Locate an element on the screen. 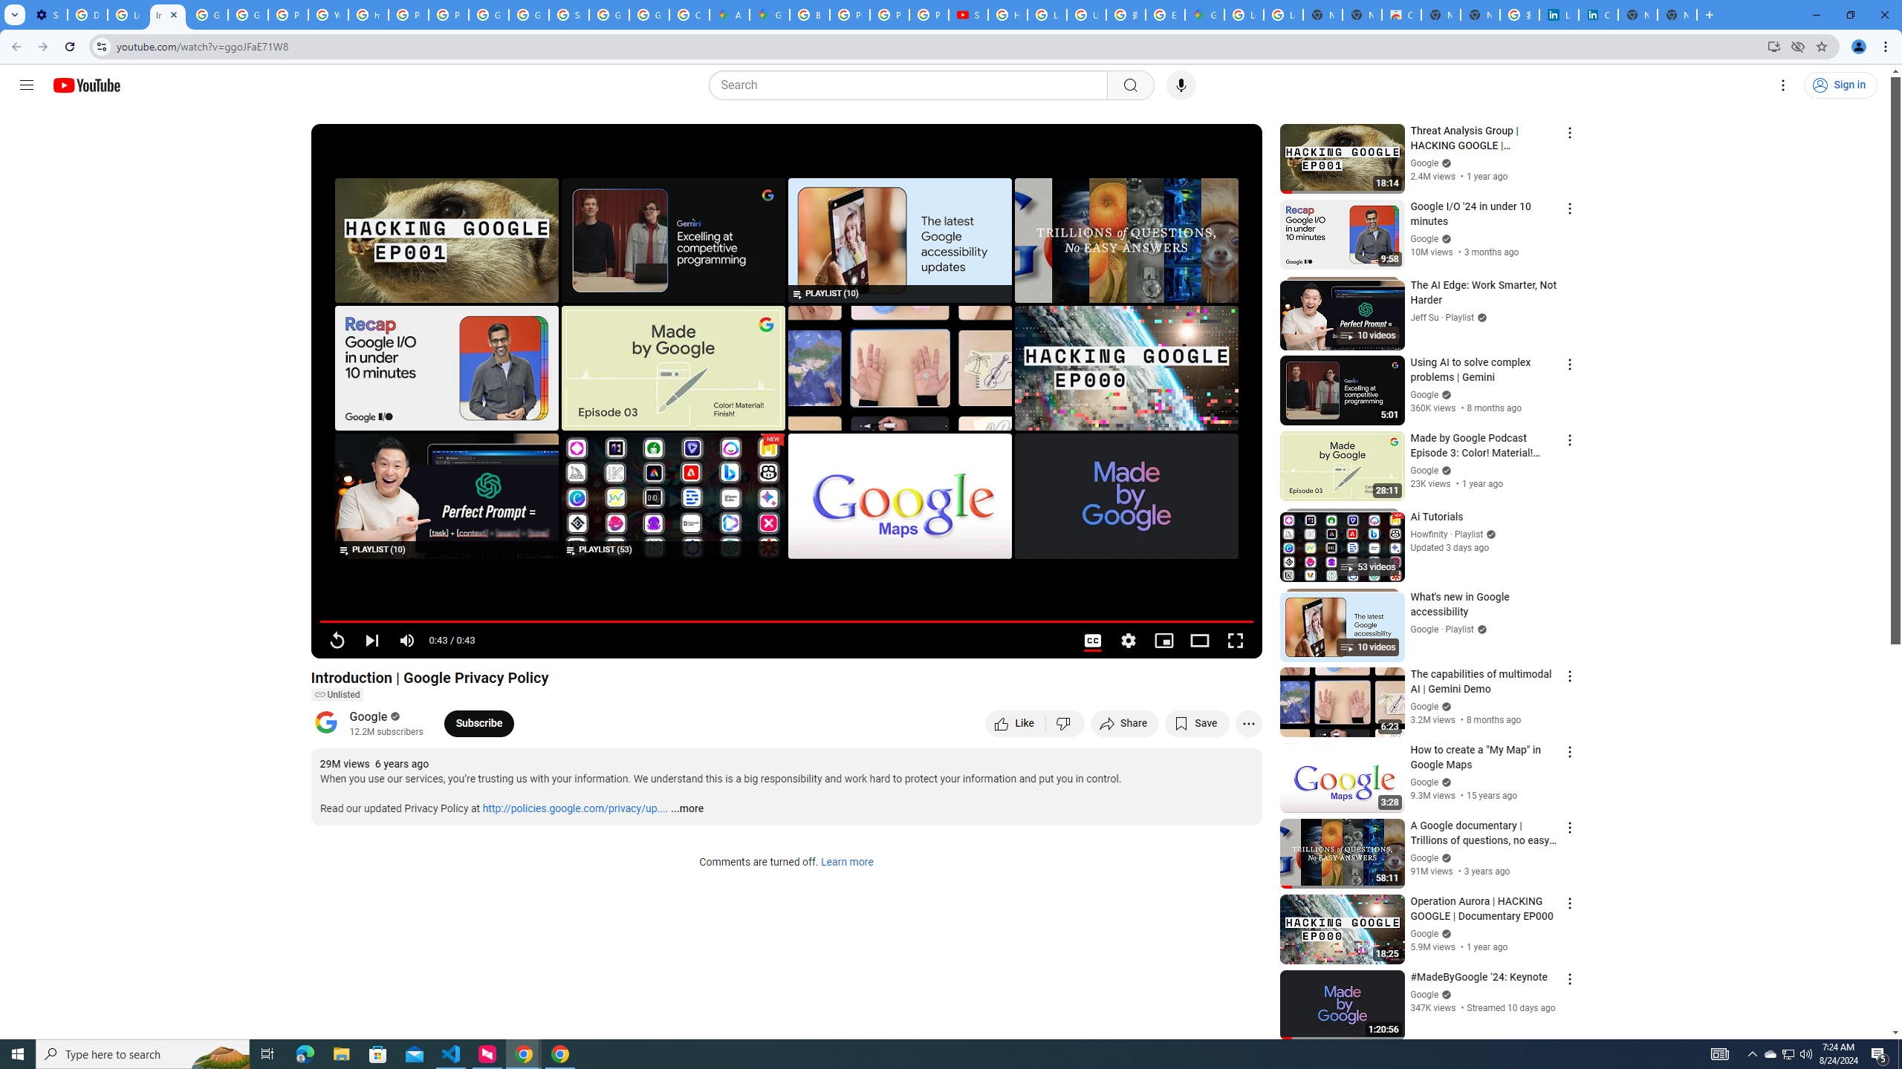  'Explore new street-level details - Google Maps Help' is located at coordinates (1166, 14).